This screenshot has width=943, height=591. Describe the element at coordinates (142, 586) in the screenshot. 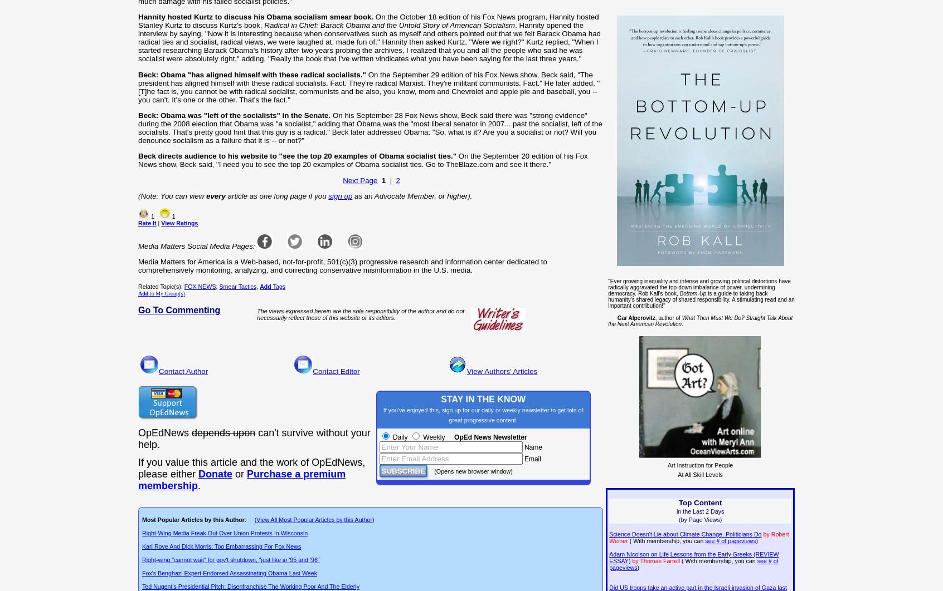

I see `'Ted Nugent's Presidential Pitch: Disenfranchise The Working Poor And The Elderly'` at that location.